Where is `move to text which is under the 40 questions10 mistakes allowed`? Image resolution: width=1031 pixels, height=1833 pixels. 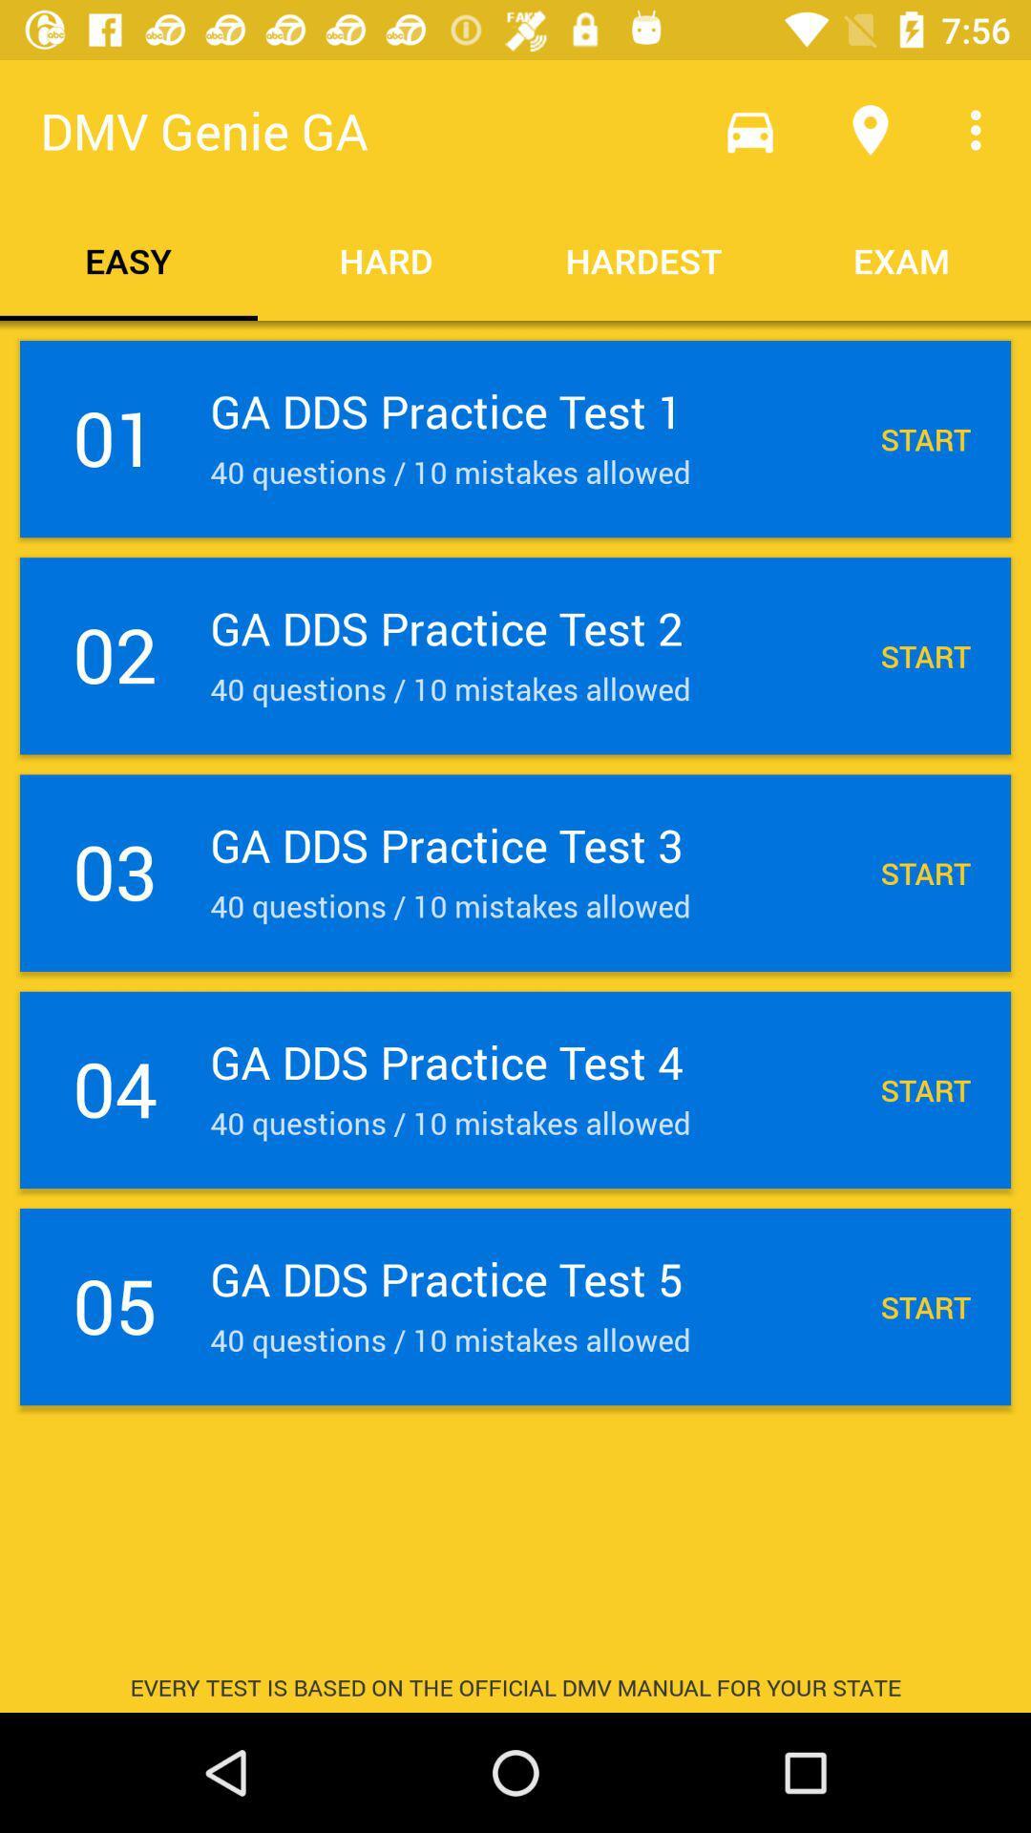 move to text which is under the 40 questions10 mistakes allowed is located at coordinates (515, 1305).